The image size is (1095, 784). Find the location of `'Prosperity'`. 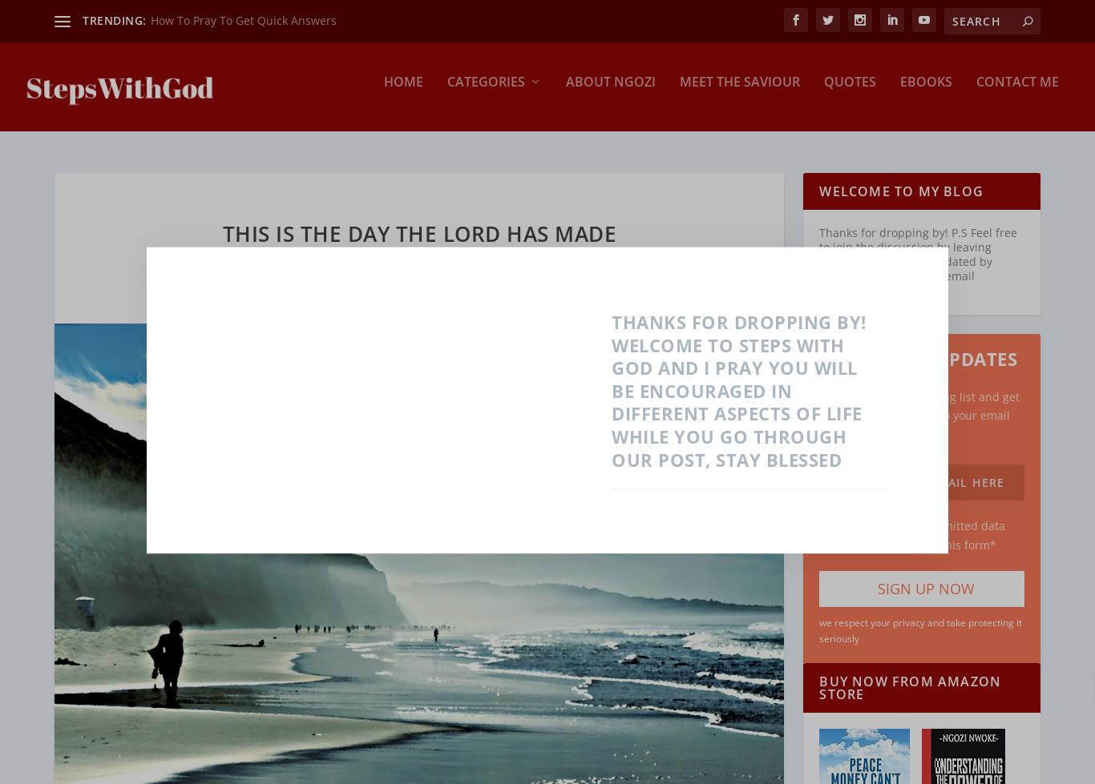

'Prosperity' is located at coordinates (297, 597).